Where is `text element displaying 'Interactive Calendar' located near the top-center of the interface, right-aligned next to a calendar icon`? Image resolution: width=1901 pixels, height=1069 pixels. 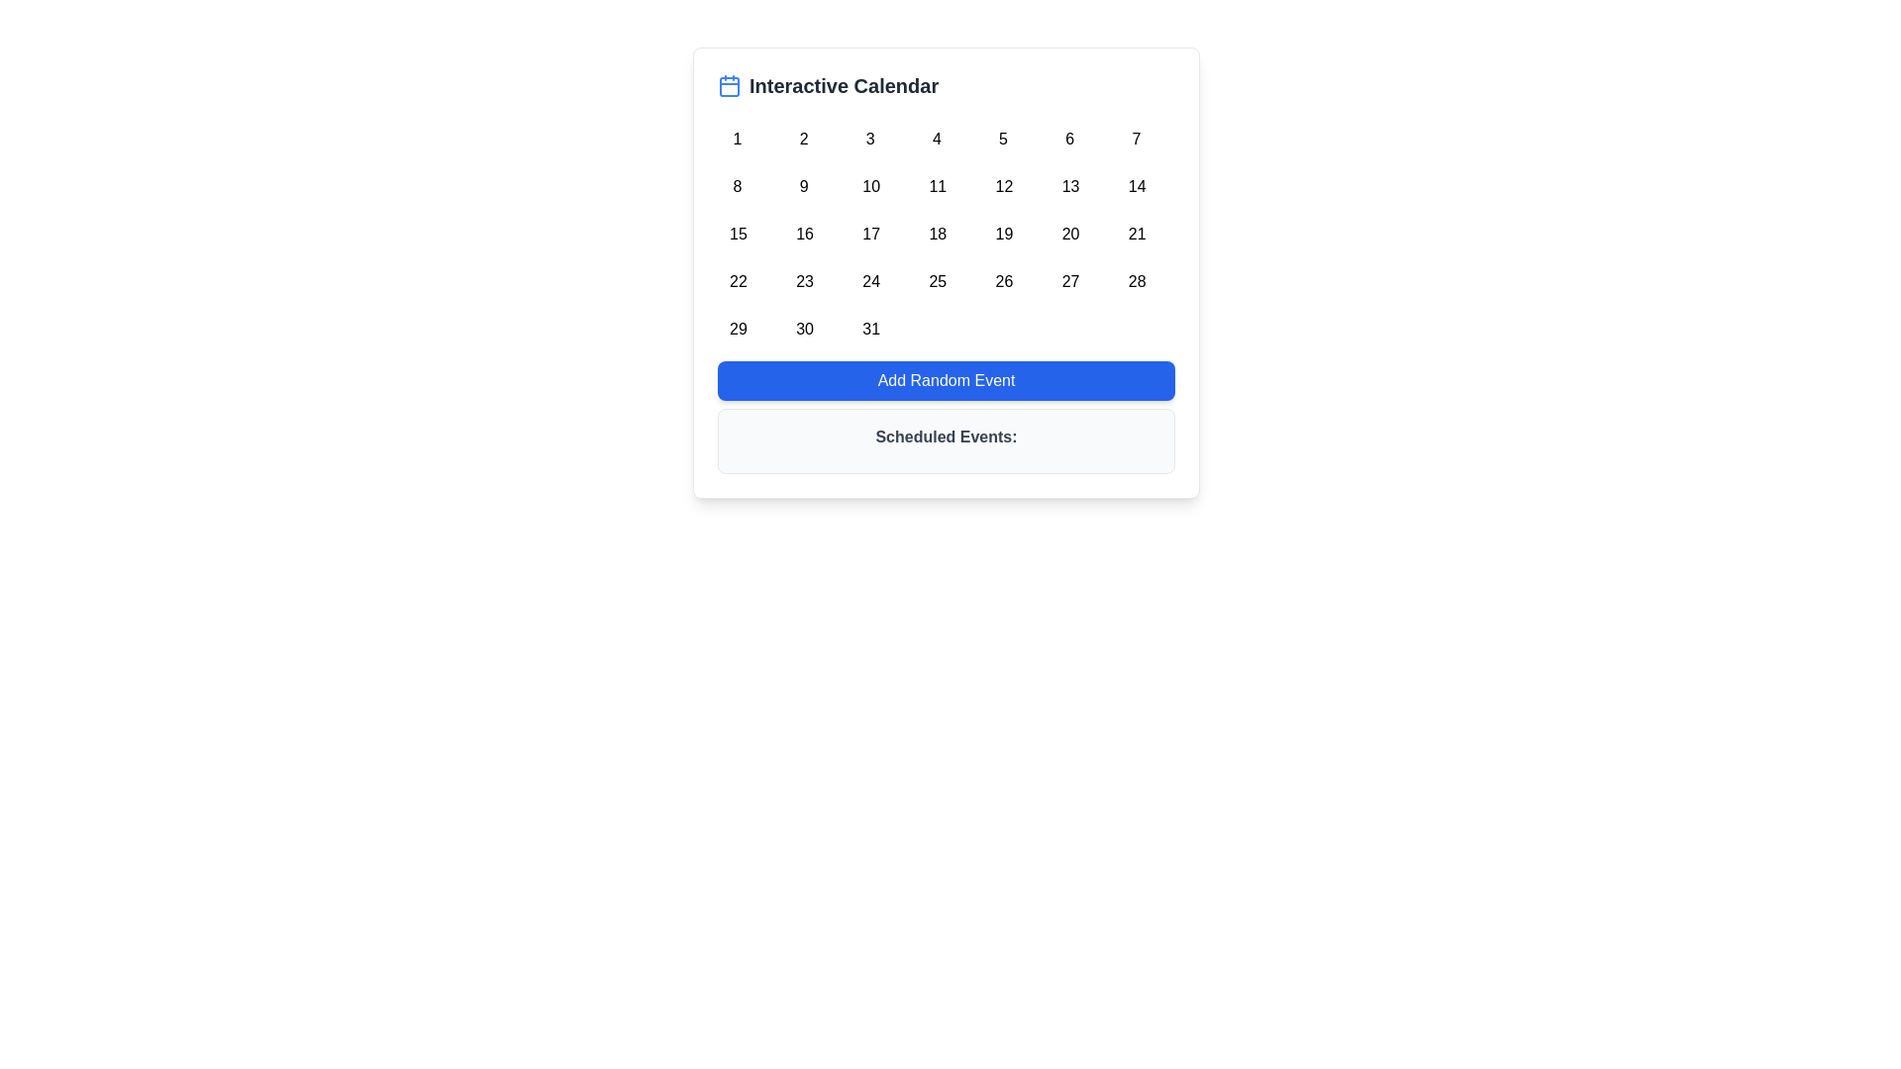 text element displaying 'Interactive Calendar' located near the top-center of the interface, right-aligned next to a calendar icon is located at coordinates (844, 85).